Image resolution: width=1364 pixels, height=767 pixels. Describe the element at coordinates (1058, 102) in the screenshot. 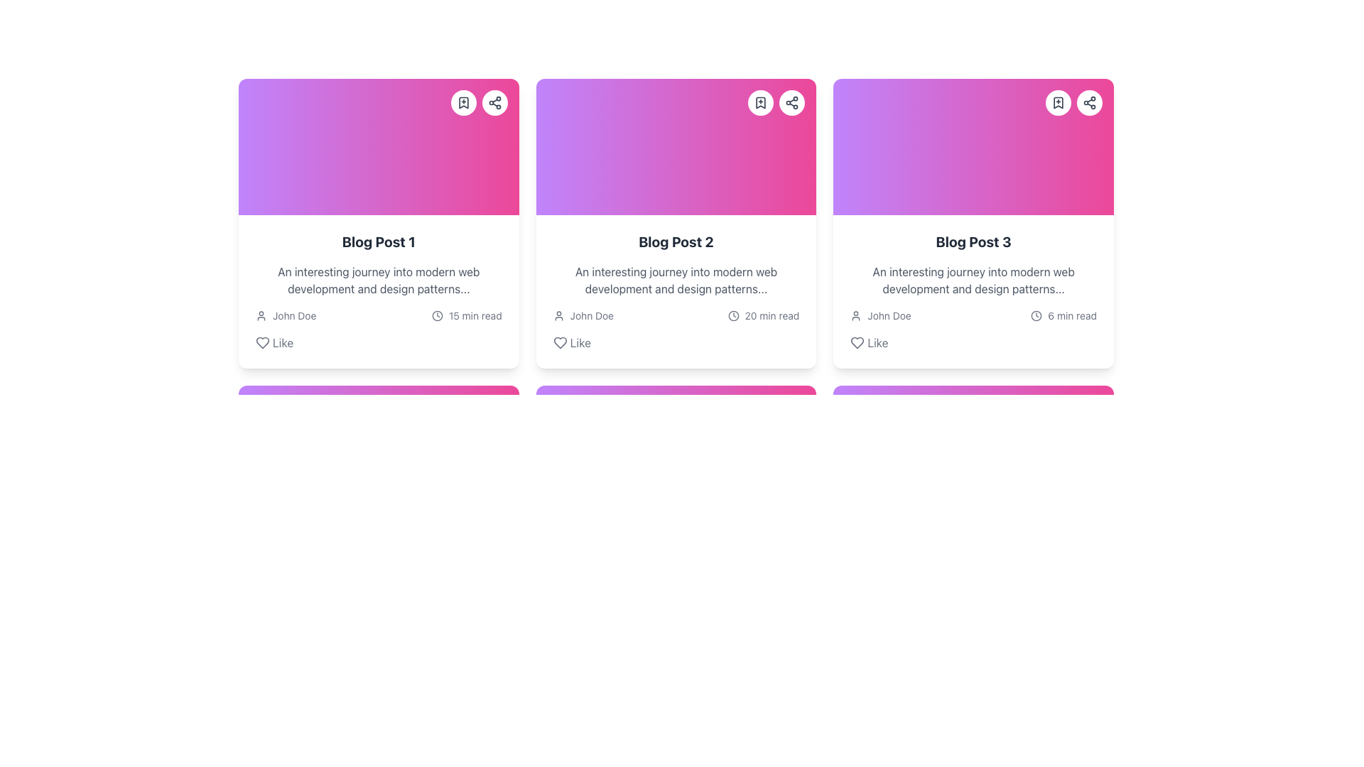

I see `the bookmark icon with a plus symbol located in the top-right corner of the card labeled 'Blog Post 3'` at that location.